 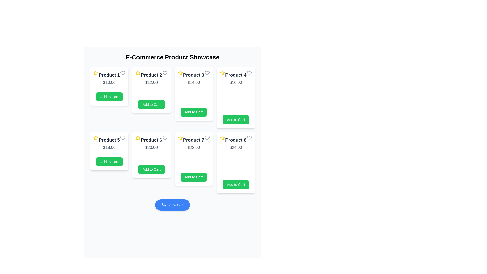 I want to click on the Text label displaying the product name located in the center row, second column of the product card grid, specifically the sixth card, which is positioned above the price '$20.00' and below the star icon, so click(x=151, y=140).